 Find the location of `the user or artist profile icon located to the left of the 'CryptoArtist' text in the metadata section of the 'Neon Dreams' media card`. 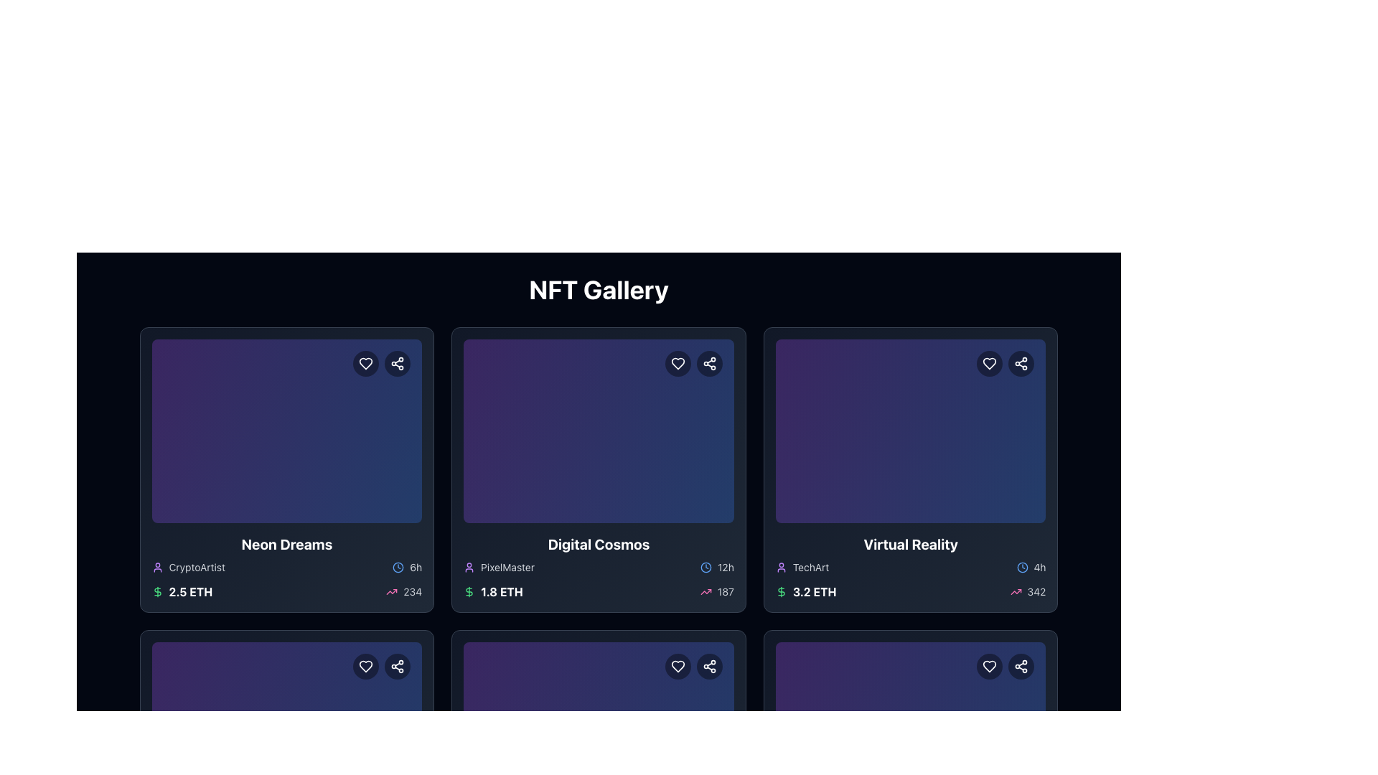

the user or artist profile icon located to the left of the 'CryptoArtist' text in the metadata section of the 'Neon Dreams' media card is located at coordinates (157, 566).